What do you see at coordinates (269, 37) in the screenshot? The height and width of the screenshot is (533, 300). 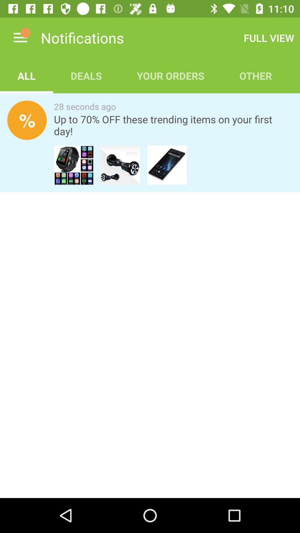 I see `the item next to your orders item` at bounding box center [269, 37].